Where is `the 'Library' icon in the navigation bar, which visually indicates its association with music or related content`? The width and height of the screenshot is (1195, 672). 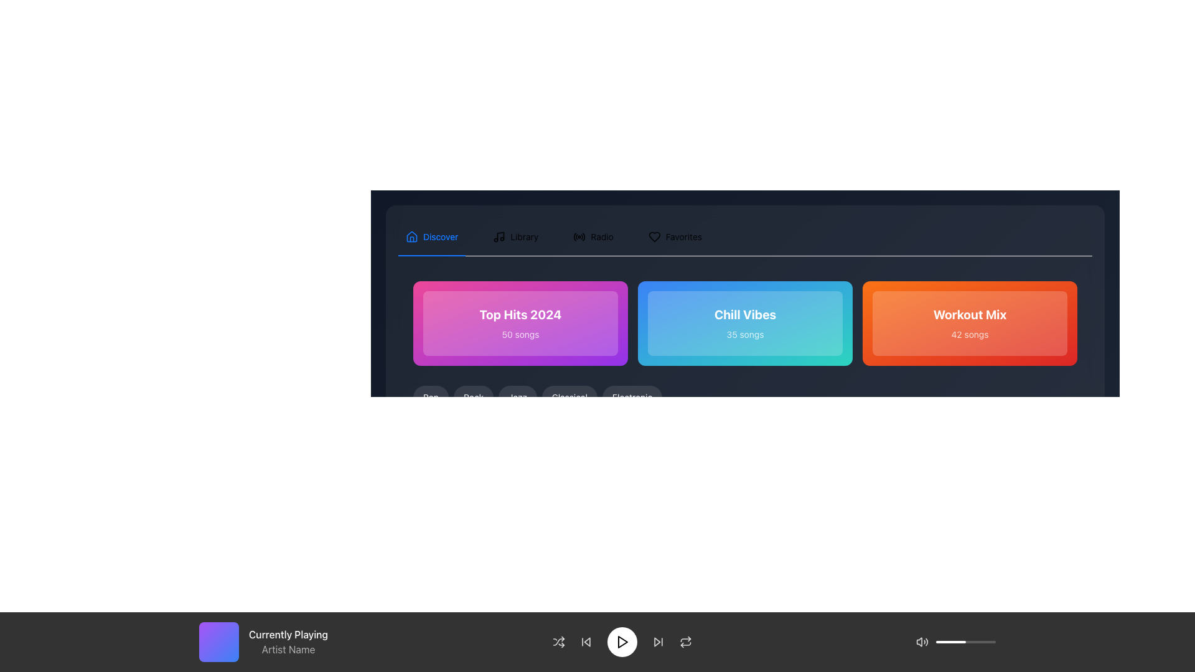
the 'Library' icon in the navigation bar, which visually indicates its association with music or related content is located at coordinates (499, 237).